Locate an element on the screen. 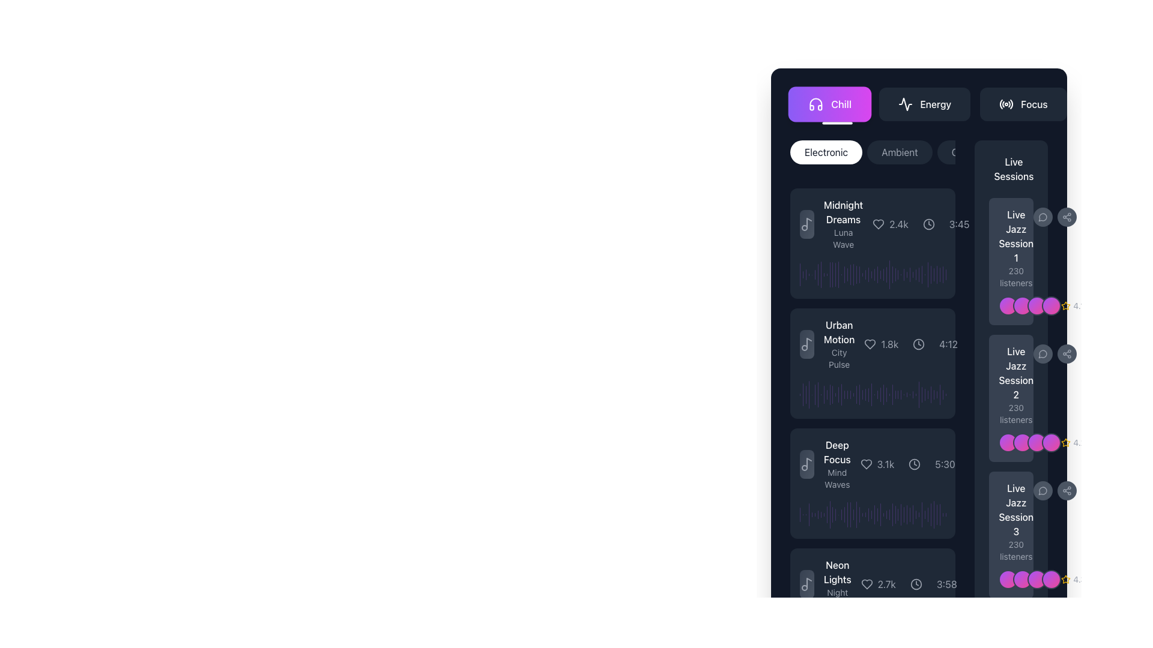  the share icon button, which is depicted as three connected circles in a triangular layout is located at coordinates (1067, 490).